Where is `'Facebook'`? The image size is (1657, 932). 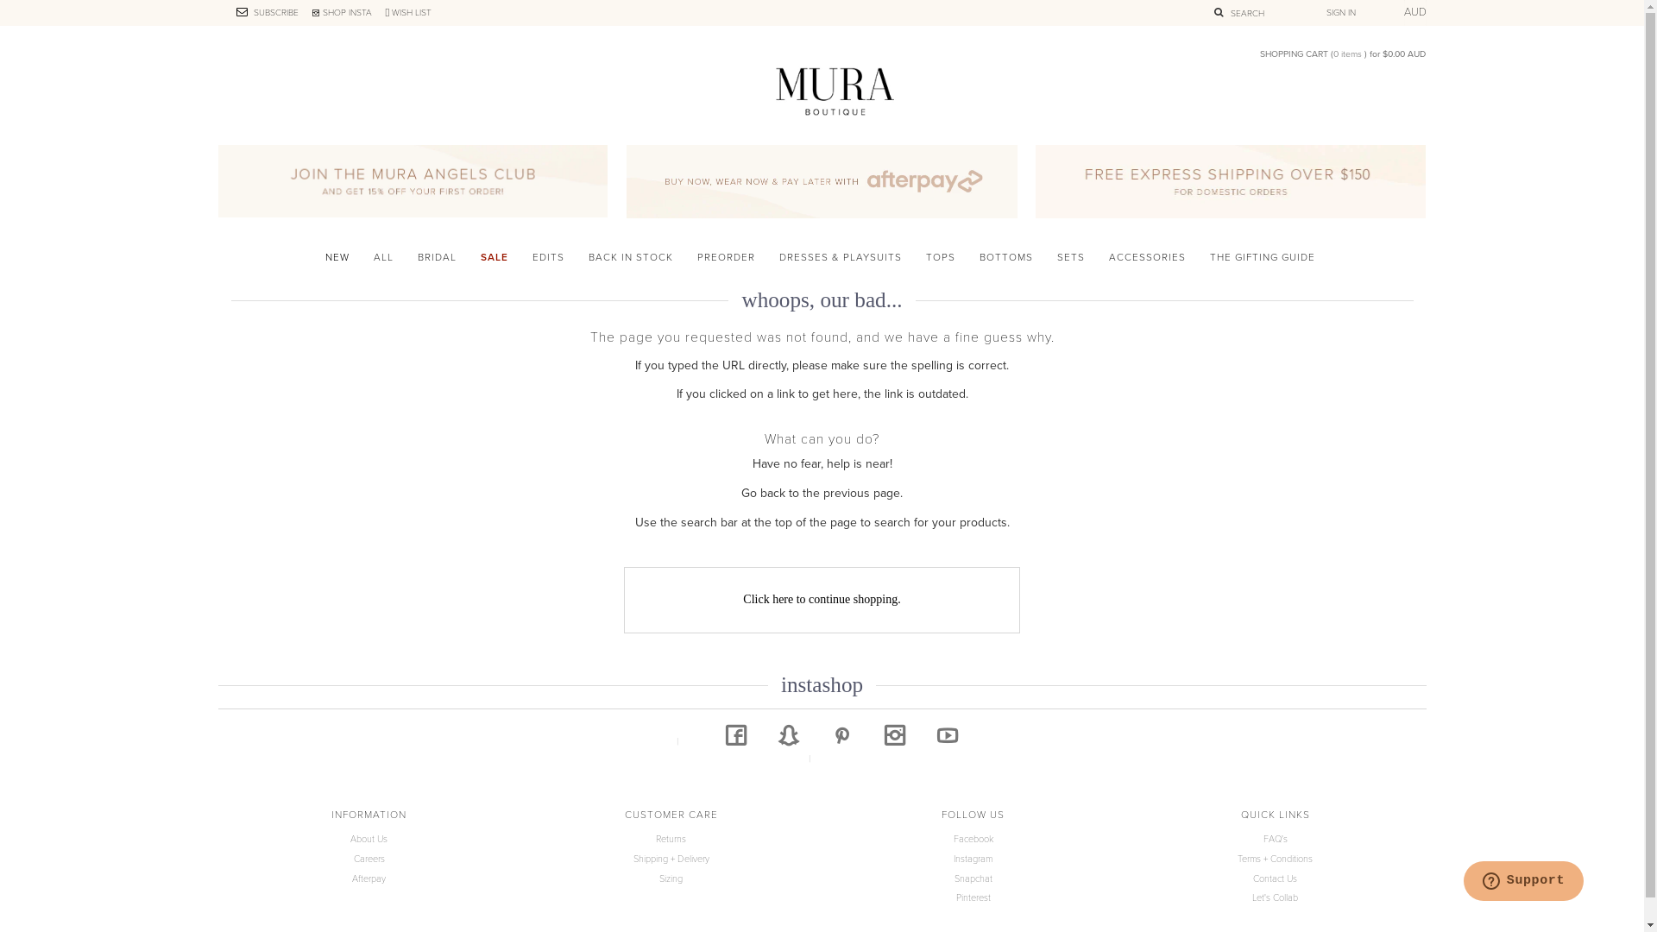 'Facebook' is located at coordinates (952, 838).